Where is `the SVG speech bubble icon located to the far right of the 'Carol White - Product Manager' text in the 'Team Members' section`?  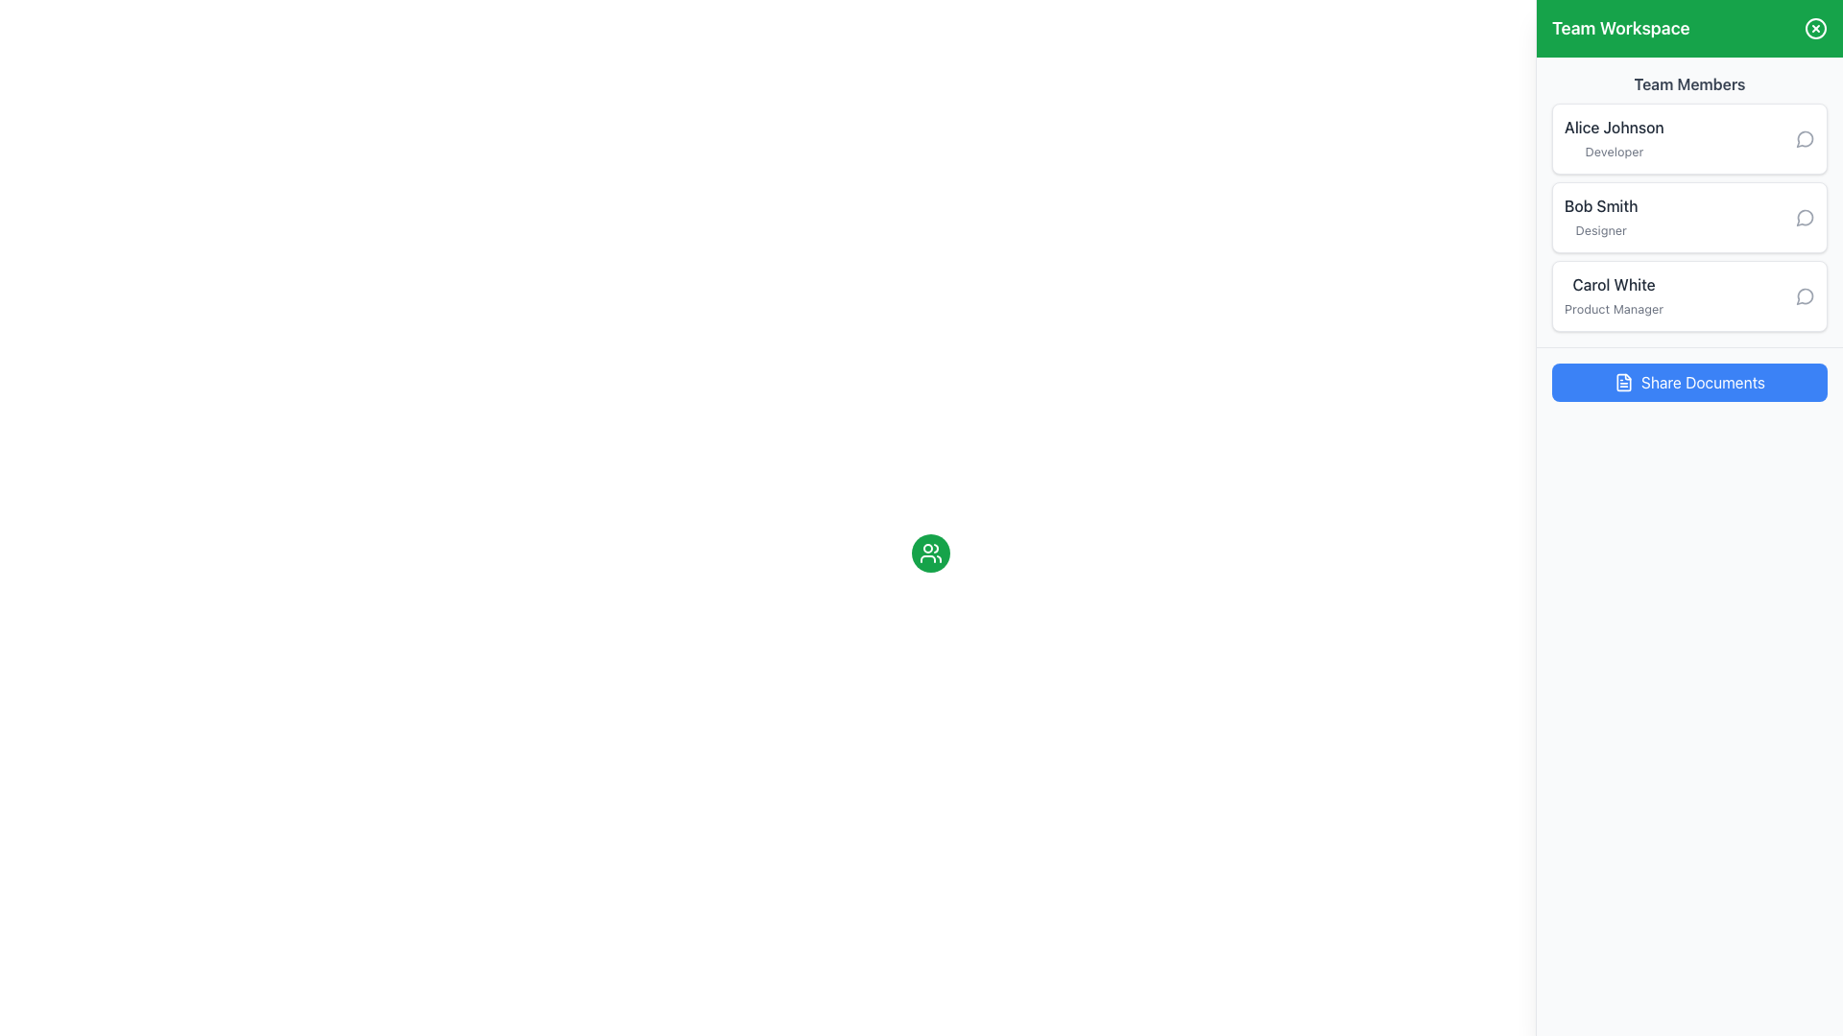
the SVG speech bubble icon located to the far right of the 'Carol White - Product Manager' text in the 'Team Members' section is located at coordinates (1804, 296).